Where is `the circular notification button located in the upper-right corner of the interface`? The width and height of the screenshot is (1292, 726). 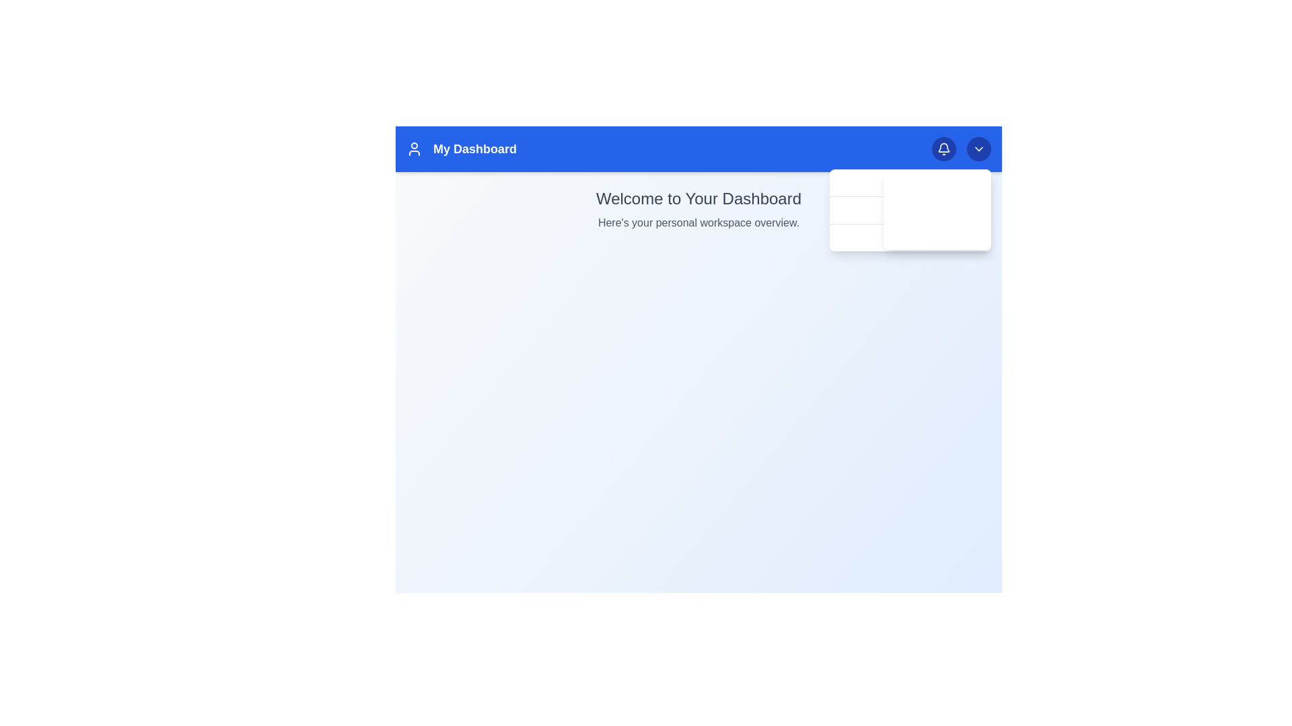 the circular notification button located in the upper-right corner of the interface is located at coordinates (943, 149).